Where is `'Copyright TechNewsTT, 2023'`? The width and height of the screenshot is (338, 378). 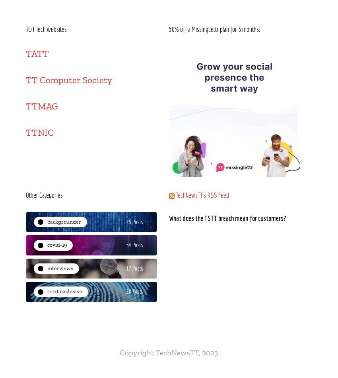
'Copyright TechNewsTT, 2023' is located at coordinates (169, 352).